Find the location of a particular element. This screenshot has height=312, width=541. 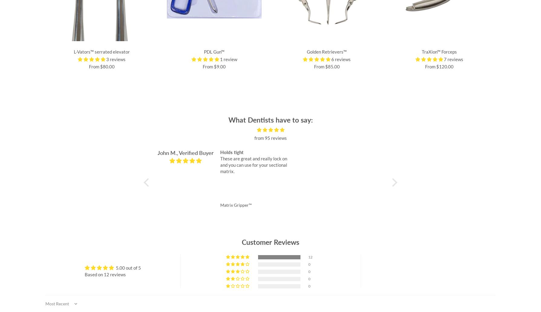

'From $120.00' is located at coordinates (439, 67).